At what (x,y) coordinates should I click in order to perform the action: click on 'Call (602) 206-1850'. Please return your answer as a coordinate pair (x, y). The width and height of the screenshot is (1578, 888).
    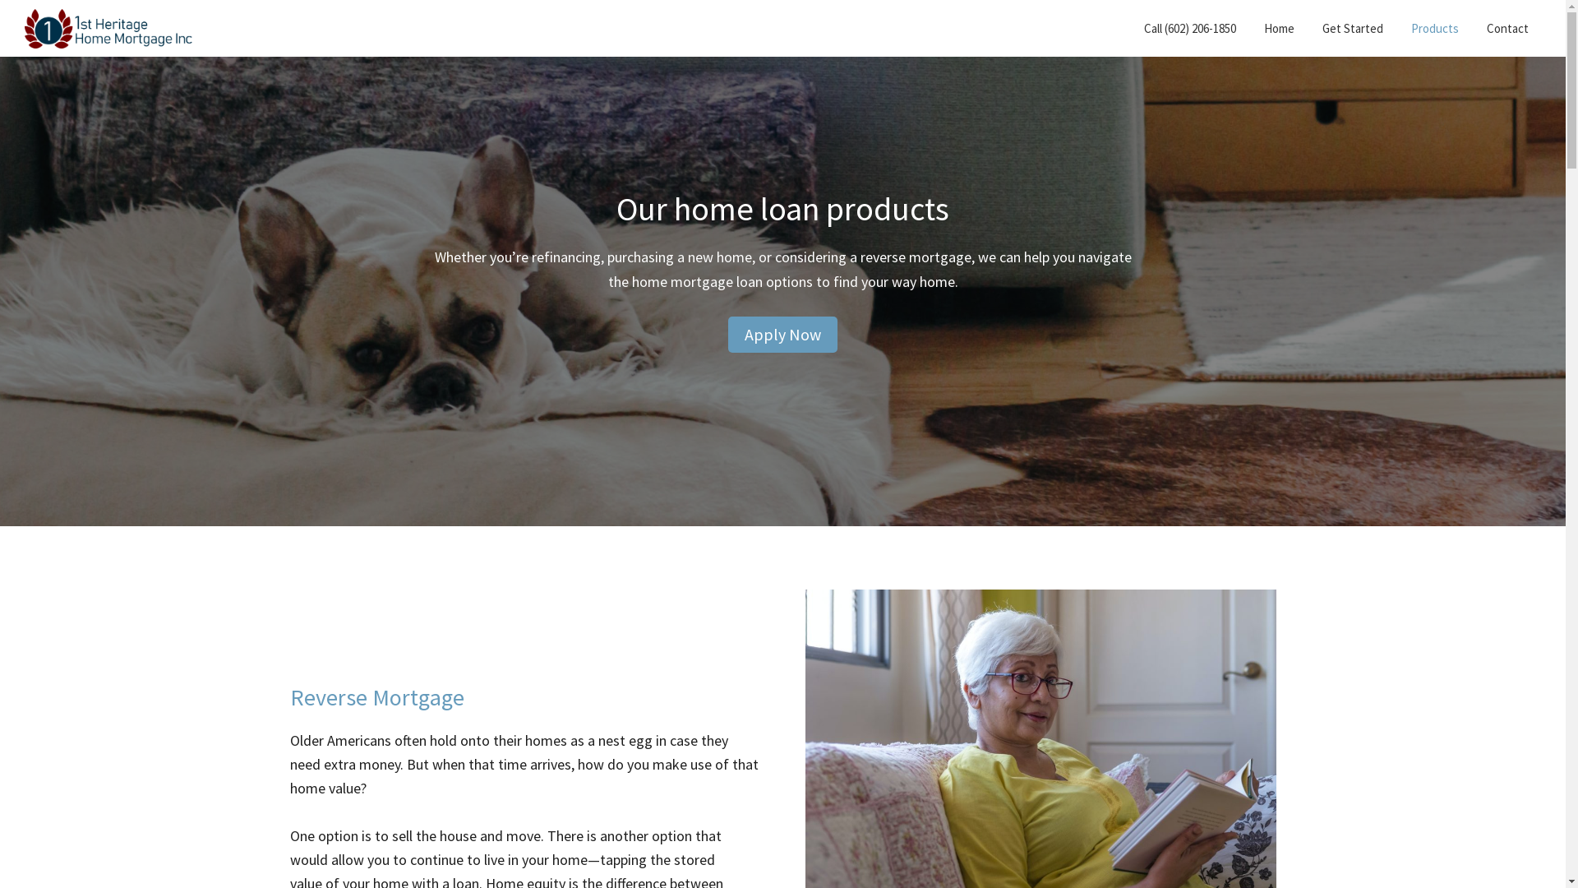
    Looking at the image, I should click on (1190, 28).